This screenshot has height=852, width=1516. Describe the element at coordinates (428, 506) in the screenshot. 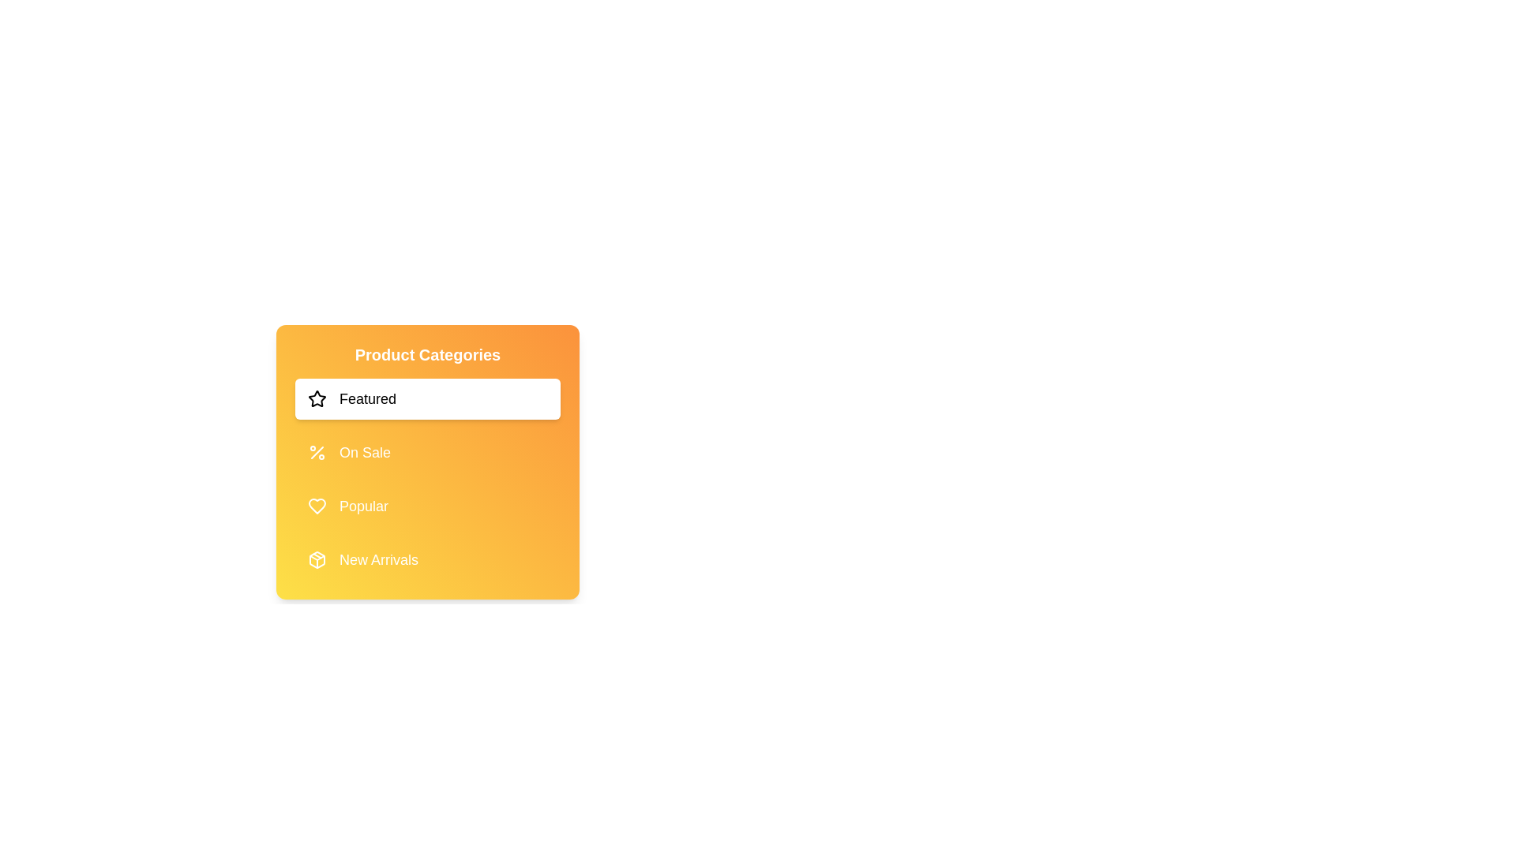

I see `the category Popular` at that location.